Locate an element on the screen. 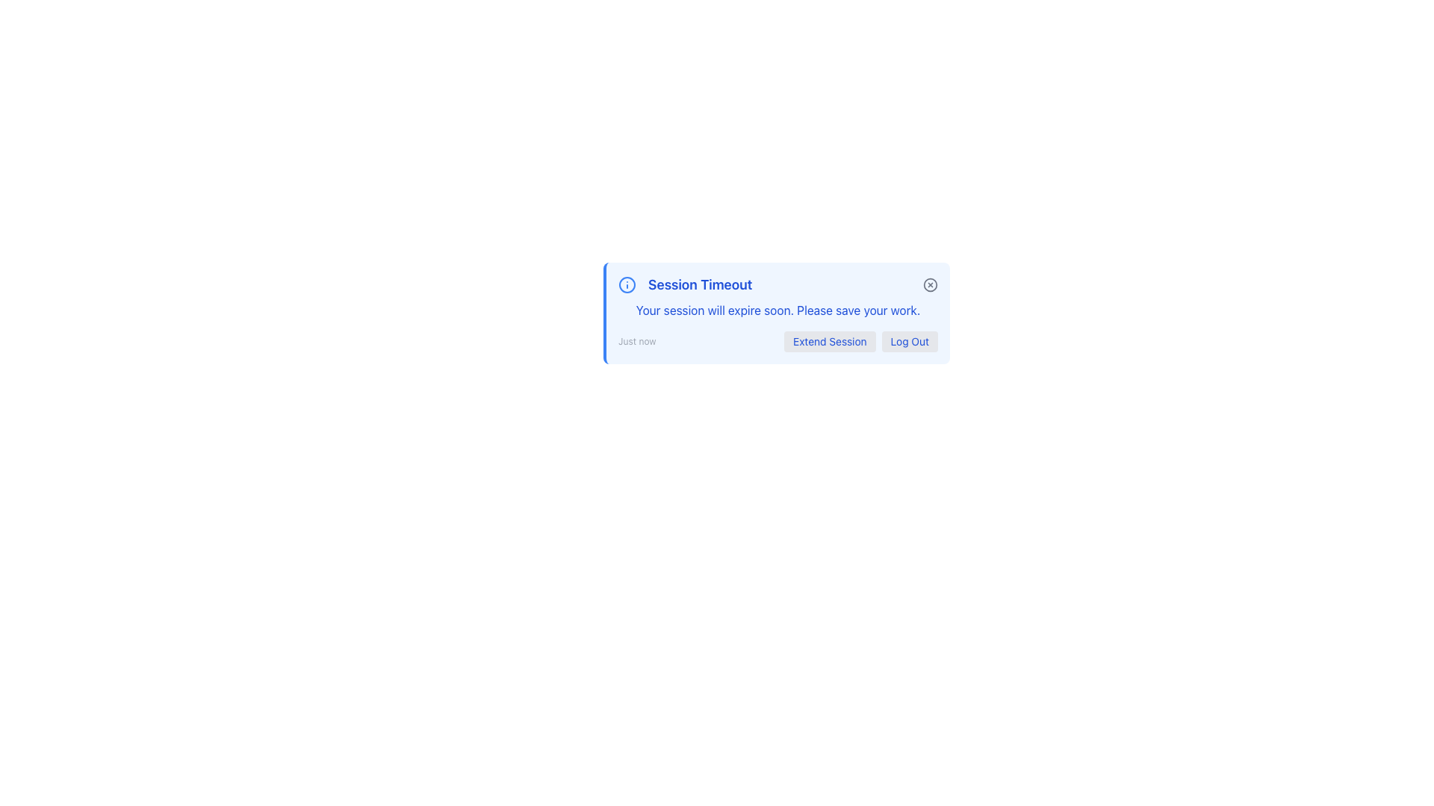 This screenshot has height=806, width=1434. the dismiss button, which is a circular icon resembling an 'x' inside a gray circle located in the top-right corner of the 'Session Timeout' notification box is located at coordinates (930, 284).